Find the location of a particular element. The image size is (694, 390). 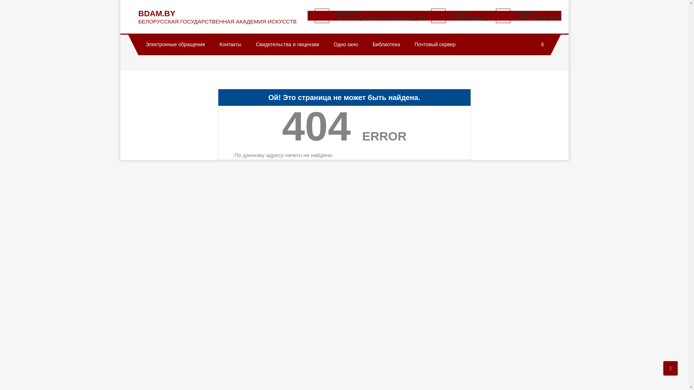

'BDAM.BY' is located at coordinates (156, 13).